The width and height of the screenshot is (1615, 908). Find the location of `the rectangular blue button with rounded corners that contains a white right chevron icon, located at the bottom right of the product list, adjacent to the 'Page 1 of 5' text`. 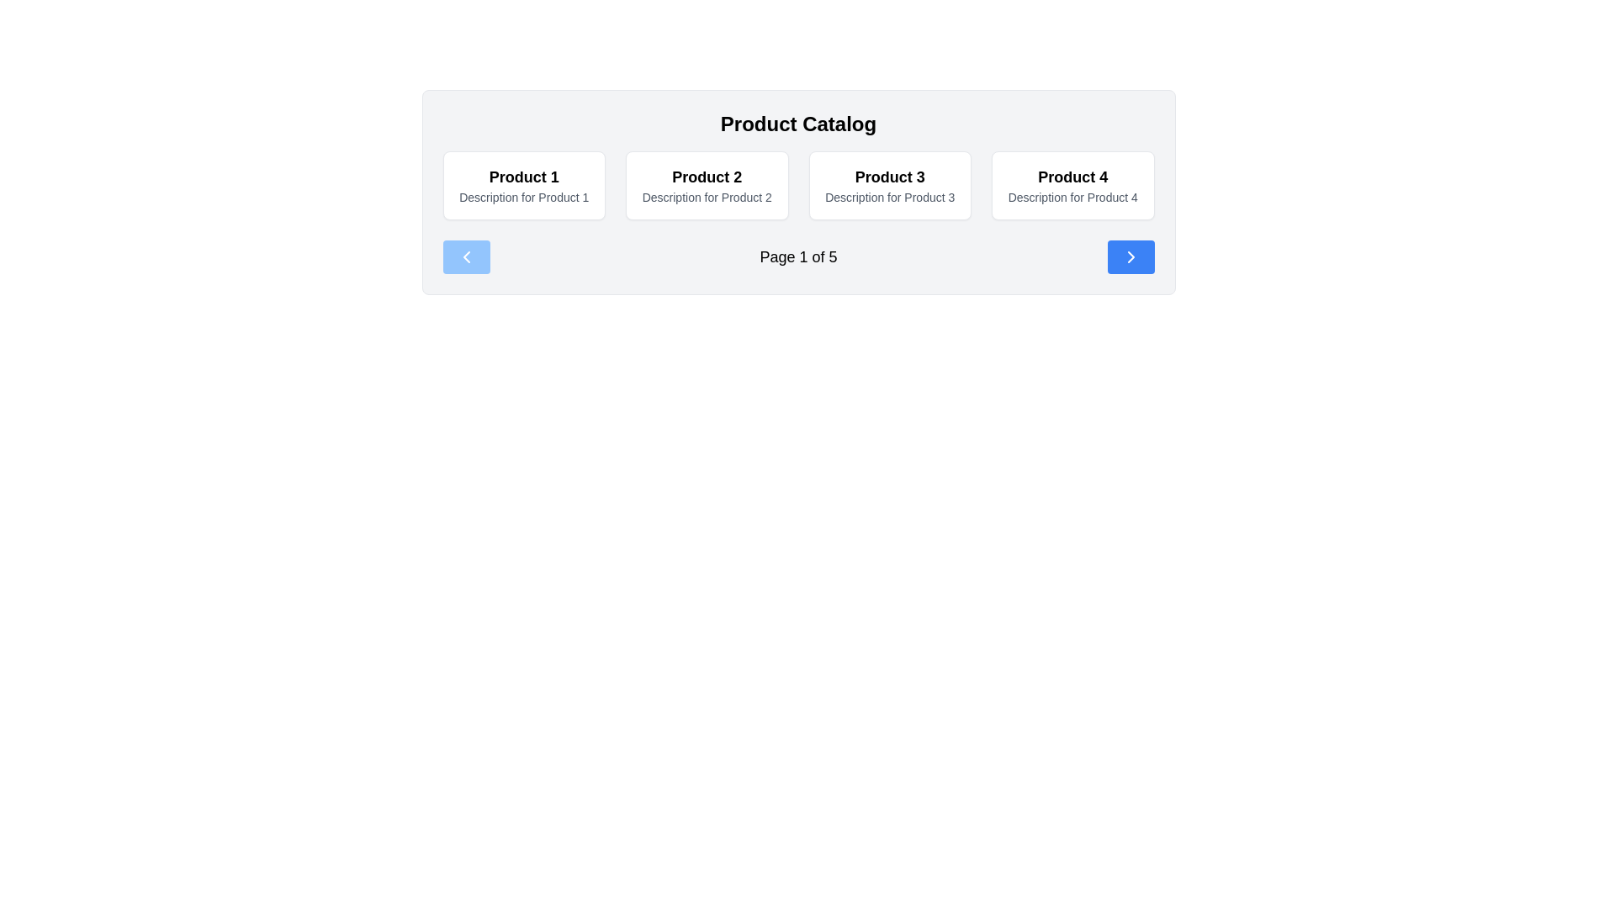

the rectangular blue button with rounded corners that contains a white right chevron icon, located at the bottom right of the product list, adjacent to the 'Page 1 of 5' text is located at coordinates (1130, 256).